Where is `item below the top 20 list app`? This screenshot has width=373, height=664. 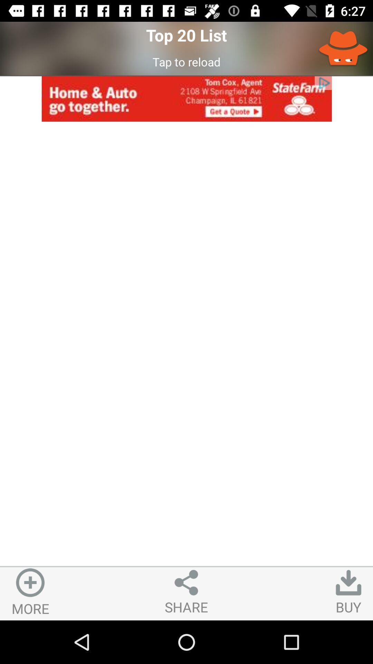
item below the top 20 list app is located at coordinates (186, 62).